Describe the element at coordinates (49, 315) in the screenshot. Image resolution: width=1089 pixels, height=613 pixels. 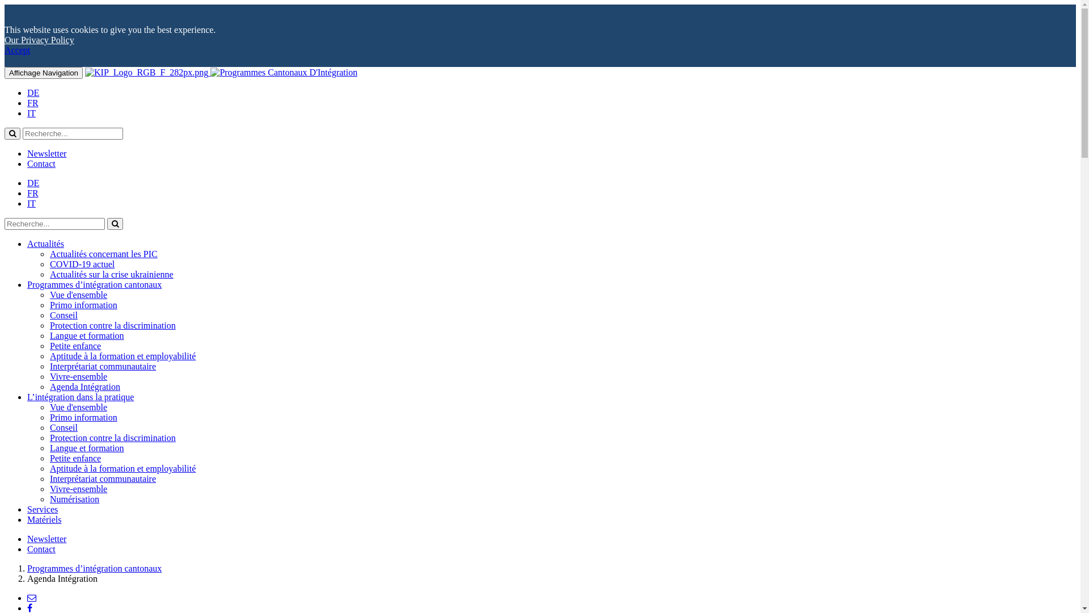
I see `'Conseil'` at that location.